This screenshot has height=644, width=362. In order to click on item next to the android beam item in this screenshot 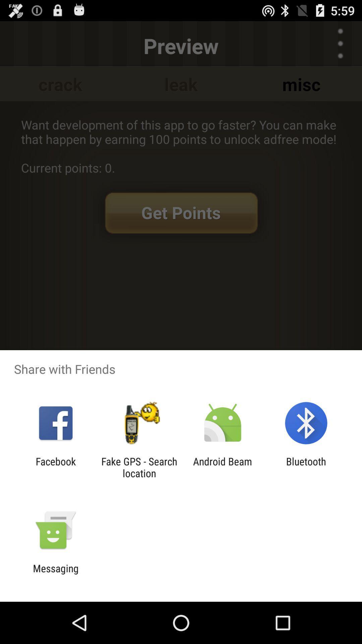, I will do `click(139, 467)`.